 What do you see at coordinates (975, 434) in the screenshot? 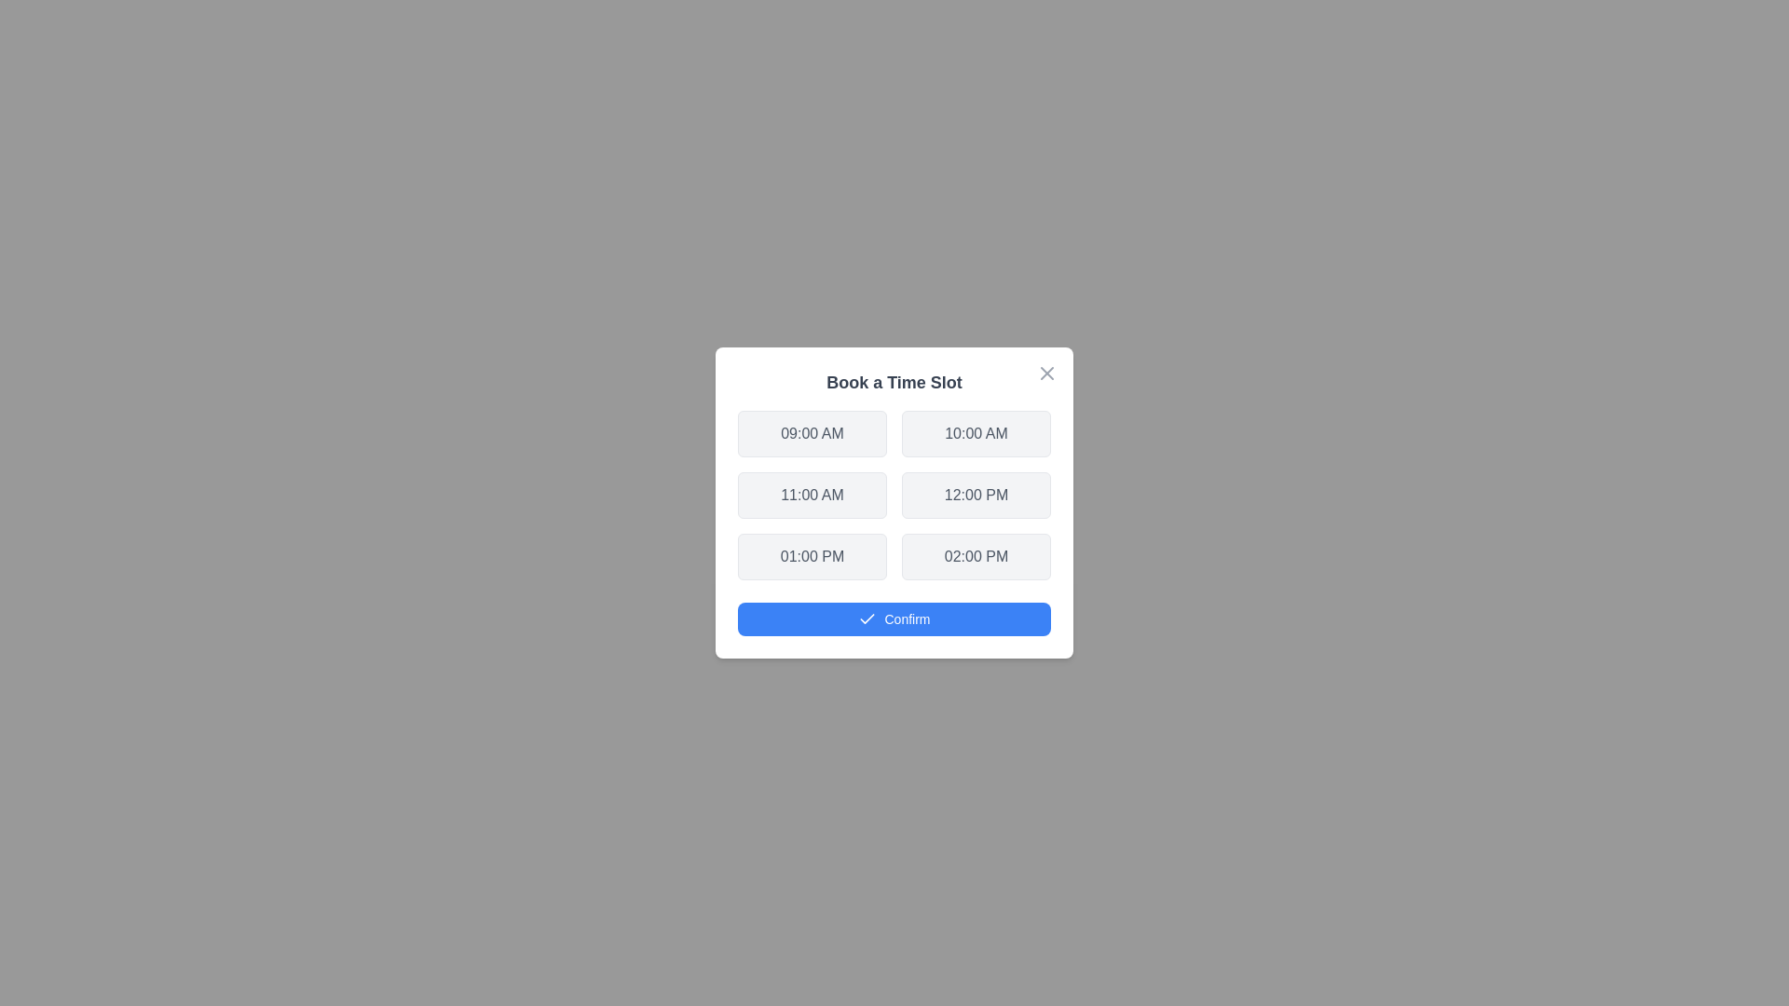
I see `the time slot 10:00 AM by clicking on its button` at bounding box center [975, 434].